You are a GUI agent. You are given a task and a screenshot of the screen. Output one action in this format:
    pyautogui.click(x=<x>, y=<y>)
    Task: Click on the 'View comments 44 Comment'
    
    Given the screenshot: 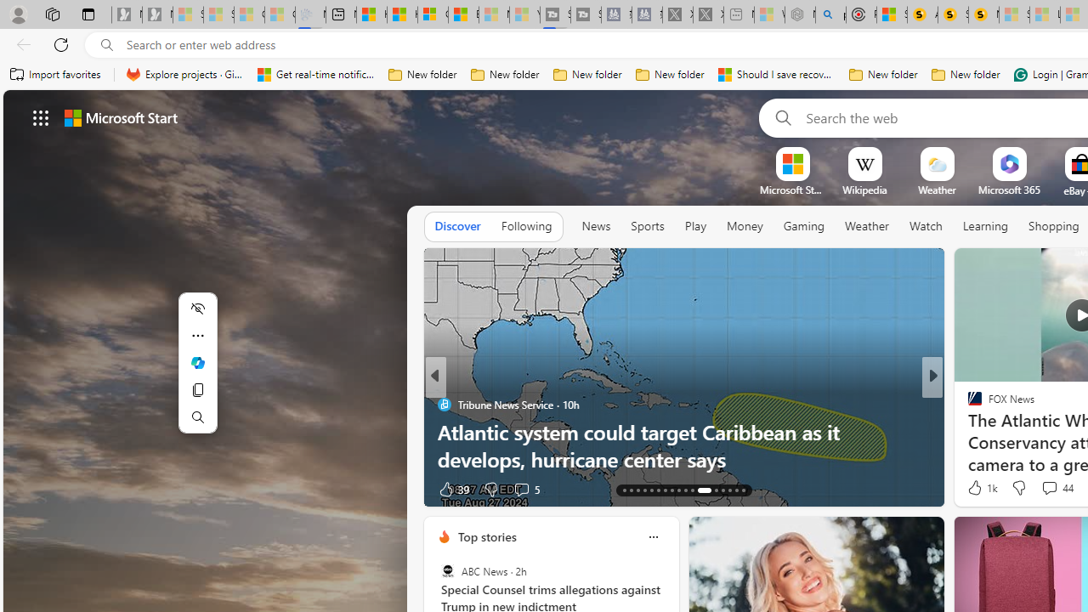 What is the action you would take?
    pyautogui.click(x=1056, y=488)
    